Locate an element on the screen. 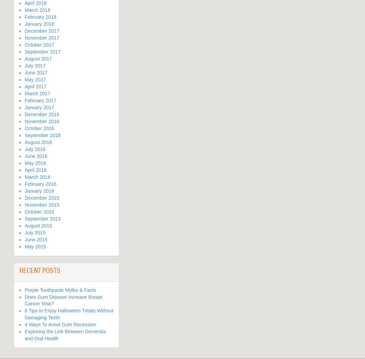  'December 2017' is located at coordinates (41, 31).